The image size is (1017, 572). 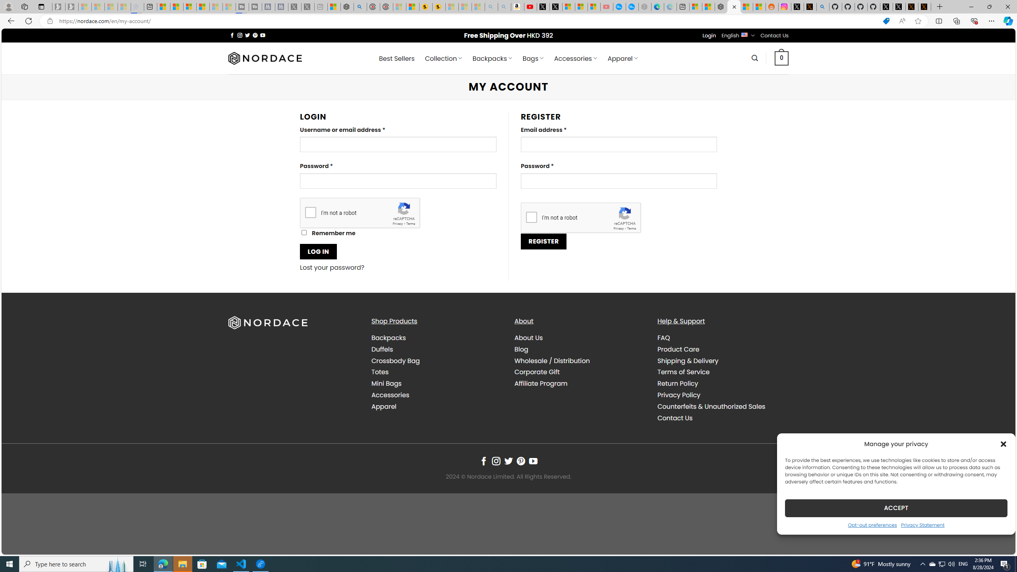 What do you see at coordinates (491, 6) in the screenshot?
I see `'amazon - Search - Sleeping'` at bounding box center [491, 6].